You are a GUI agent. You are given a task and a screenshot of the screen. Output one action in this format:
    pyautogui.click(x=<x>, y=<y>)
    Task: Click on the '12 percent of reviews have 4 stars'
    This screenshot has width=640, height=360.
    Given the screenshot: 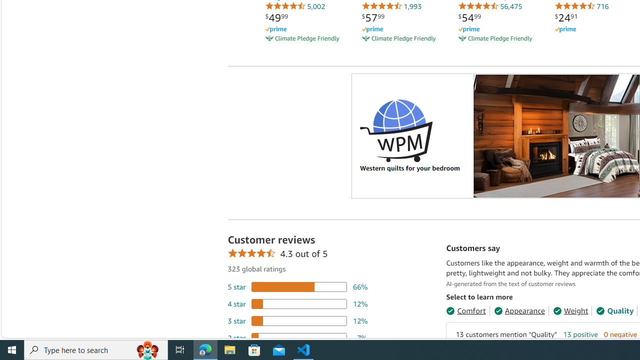 What is the action you would take?
    pyautogui.click(x=297, y=303)
    